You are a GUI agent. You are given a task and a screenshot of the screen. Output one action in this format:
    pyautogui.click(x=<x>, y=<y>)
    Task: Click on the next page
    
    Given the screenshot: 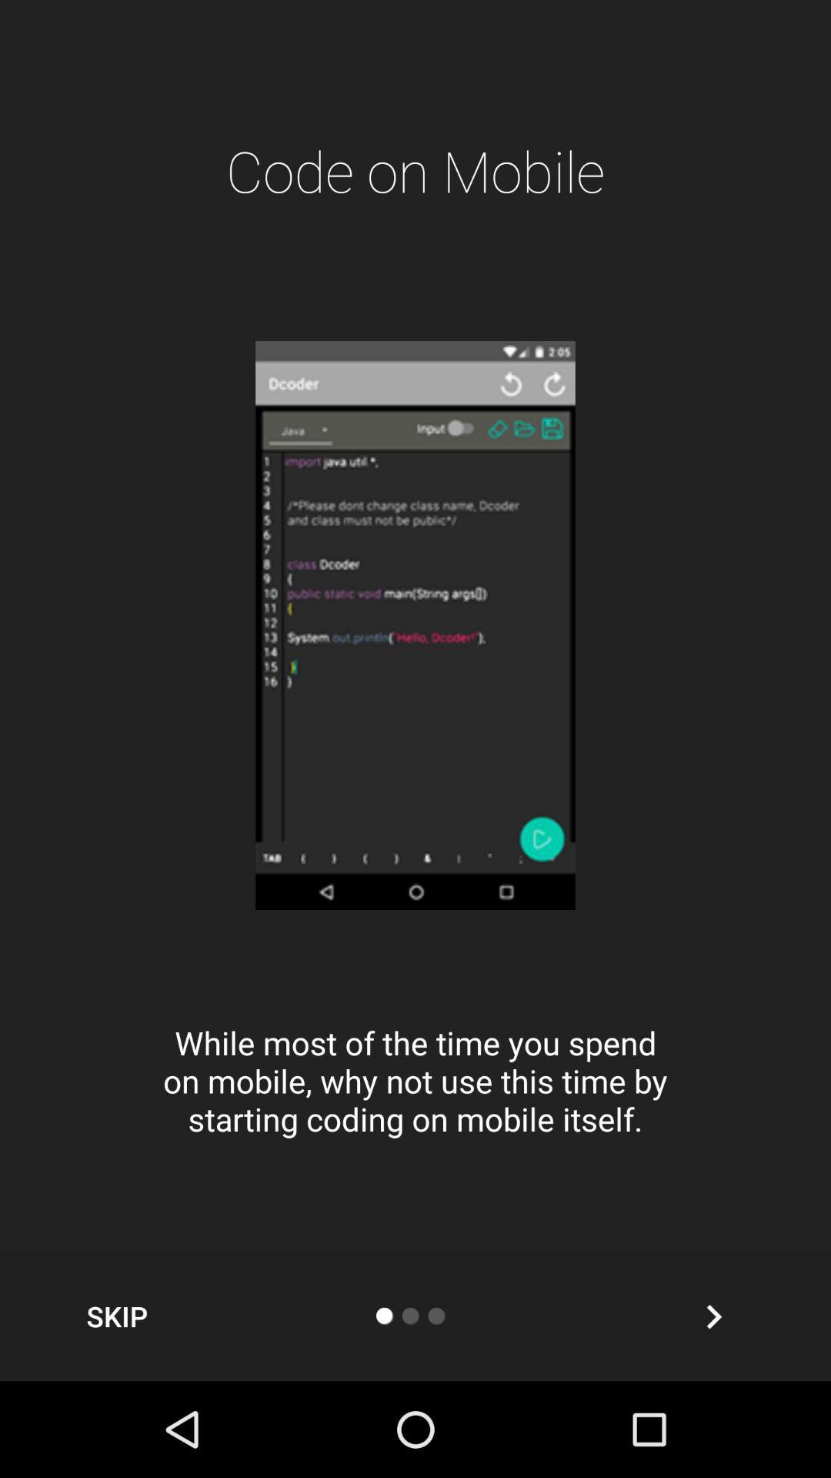 What is the action you would take?
    pyautogui.click(x=713, y=1316)
    